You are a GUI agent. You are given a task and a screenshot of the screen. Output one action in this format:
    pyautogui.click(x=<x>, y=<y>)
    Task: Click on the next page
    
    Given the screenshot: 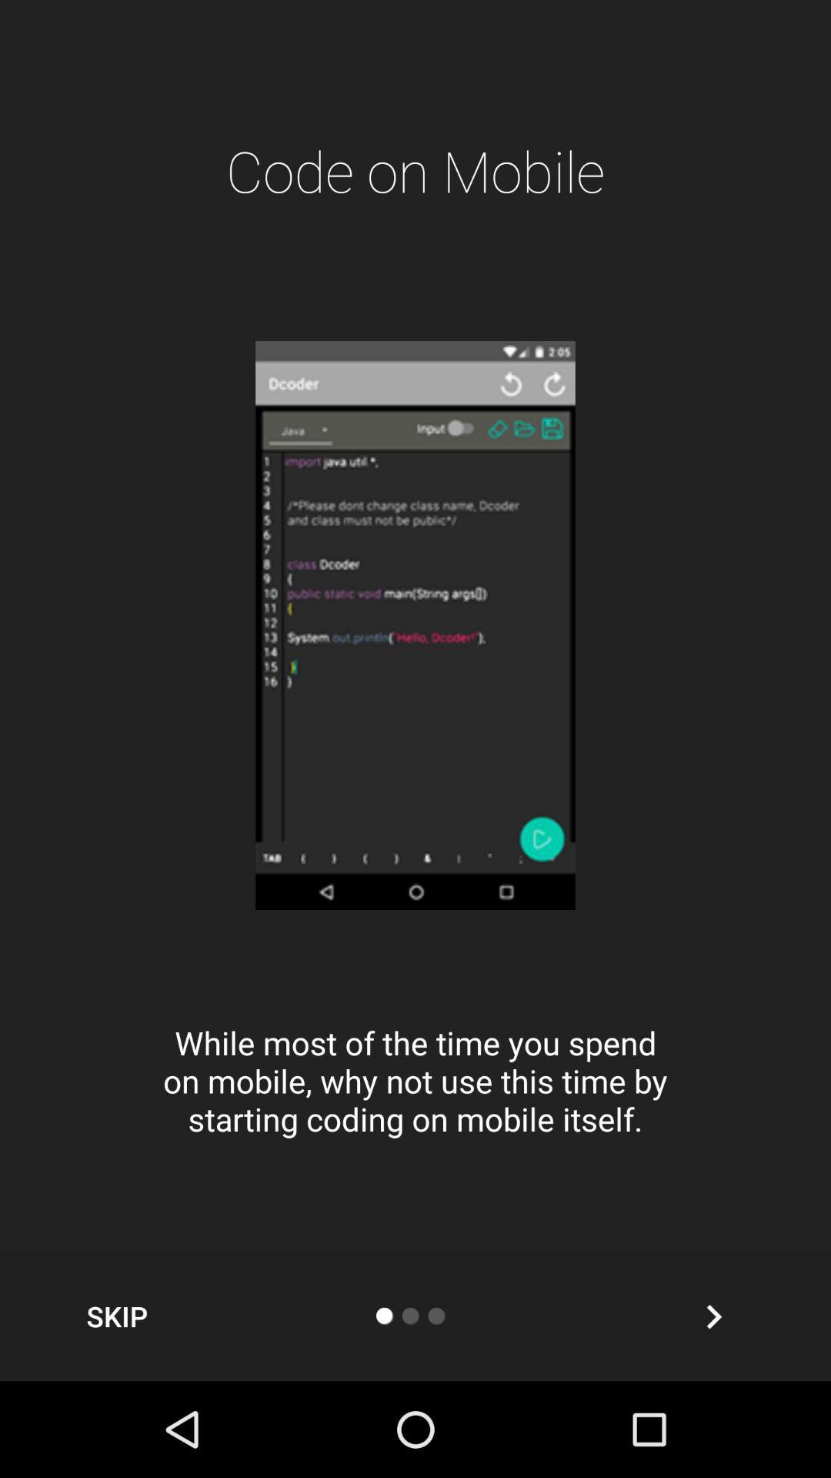 What is the action you would take?
    pyautogui.click(x=713, y=1316)
    